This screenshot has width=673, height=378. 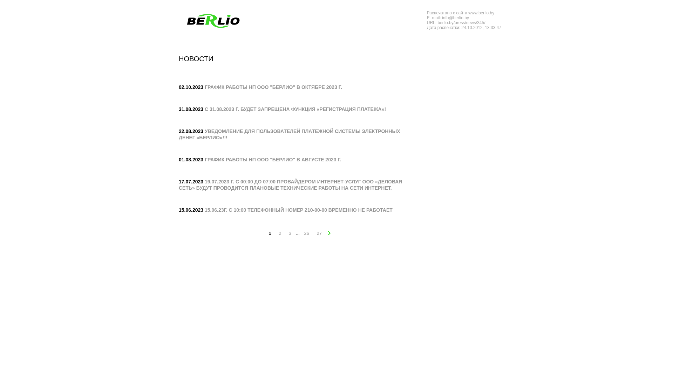 I want to click on '3', so click(x=290, y=233).